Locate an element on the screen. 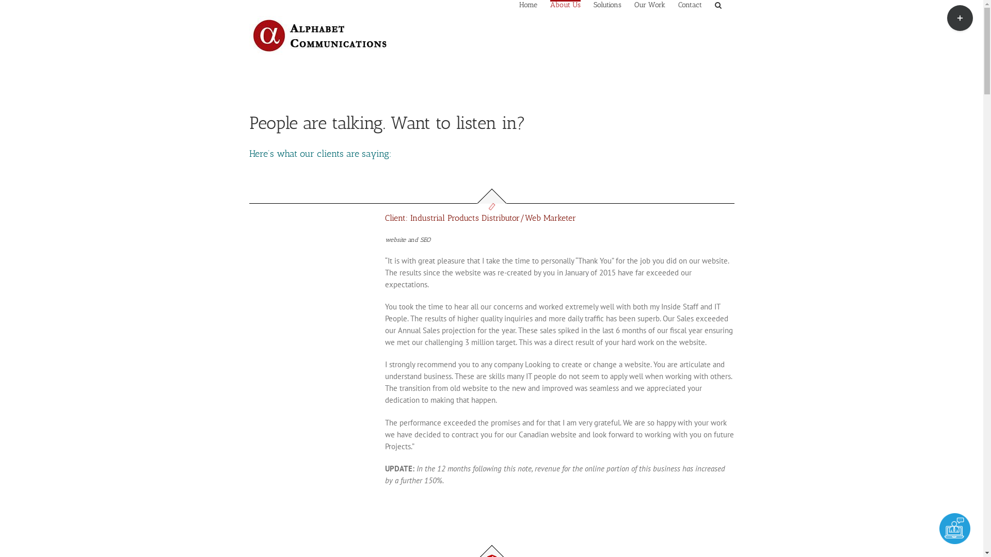  'Home' is located at coordinates (528, 4).